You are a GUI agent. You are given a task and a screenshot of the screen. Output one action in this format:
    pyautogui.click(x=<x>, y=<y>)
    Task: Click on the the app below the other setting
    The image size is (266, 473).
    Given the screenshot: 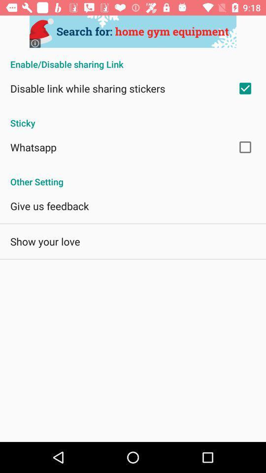 What is the action you would take?
    pyautogui.click(x=49, y=205)
    